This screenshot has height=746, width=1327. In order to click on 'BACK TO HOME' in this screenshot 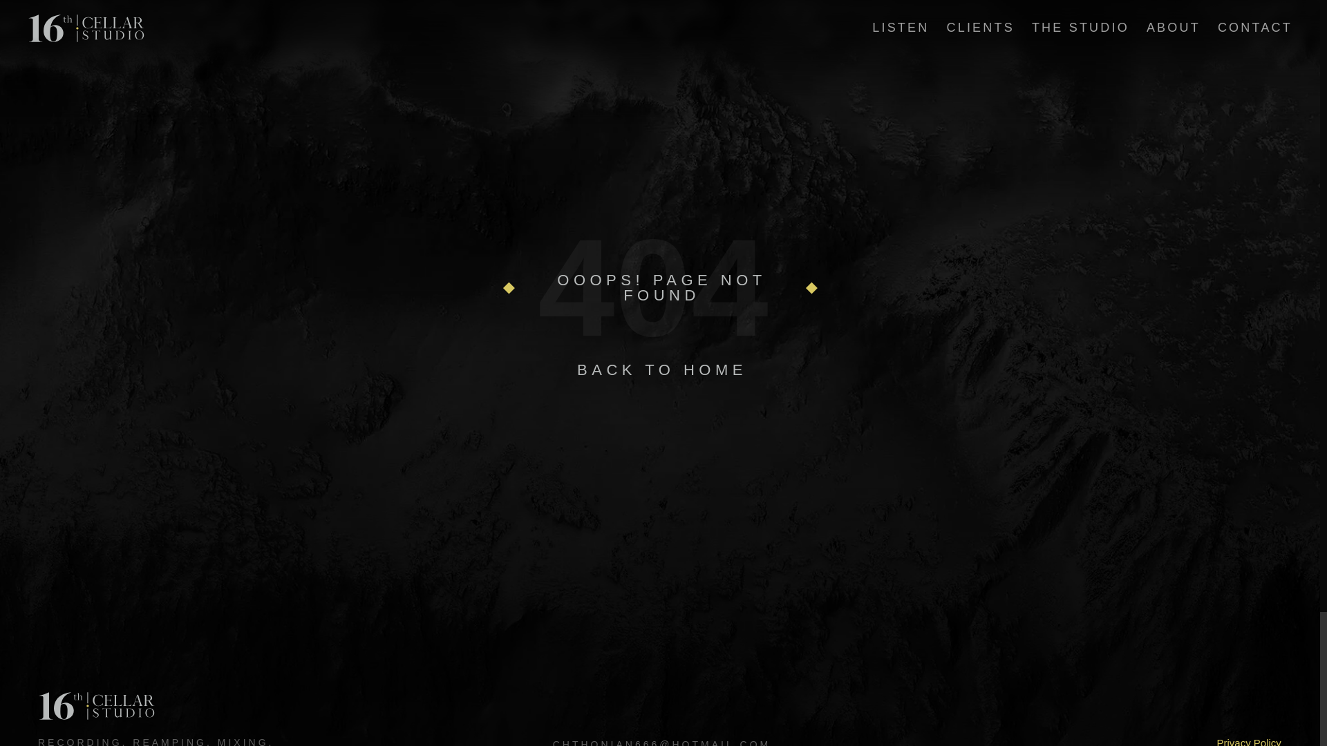, I will do `click(661, 369)`.